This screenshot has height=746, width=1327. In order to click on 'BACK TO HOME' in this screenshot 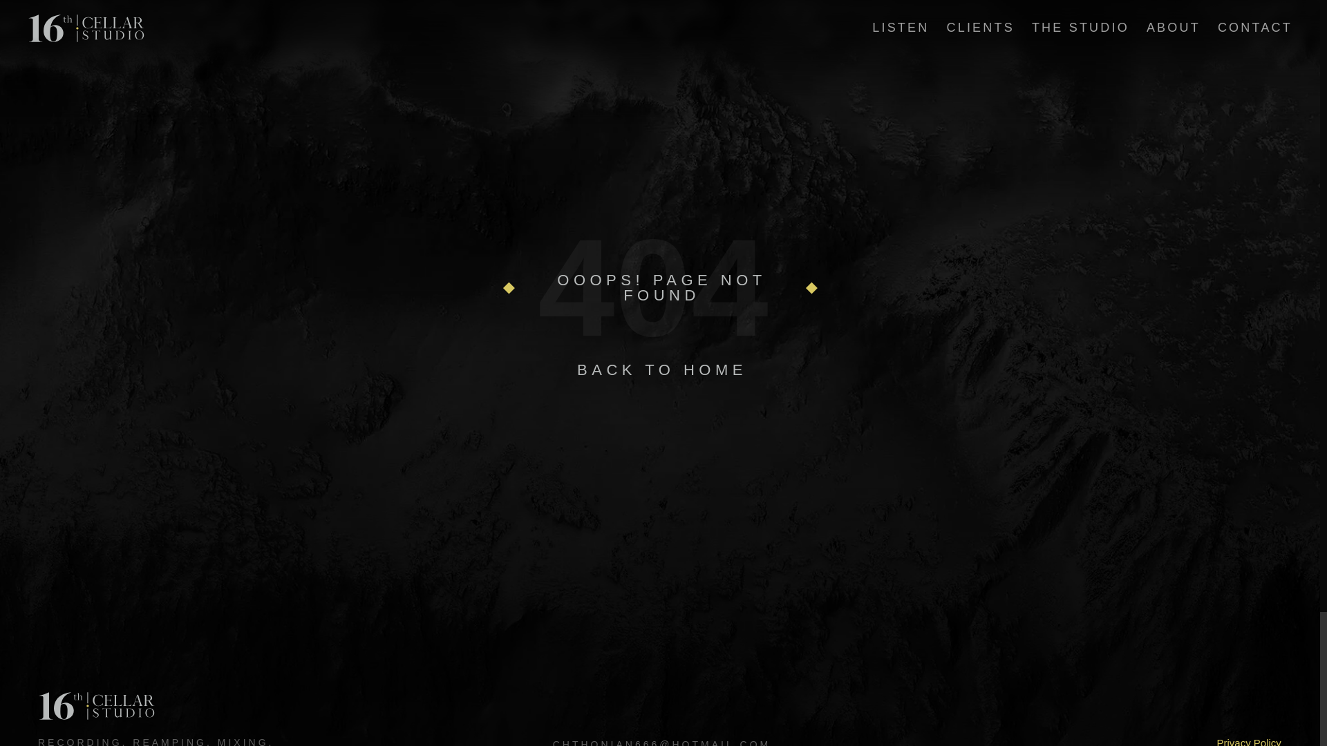, I will do `click(661, 369)`.